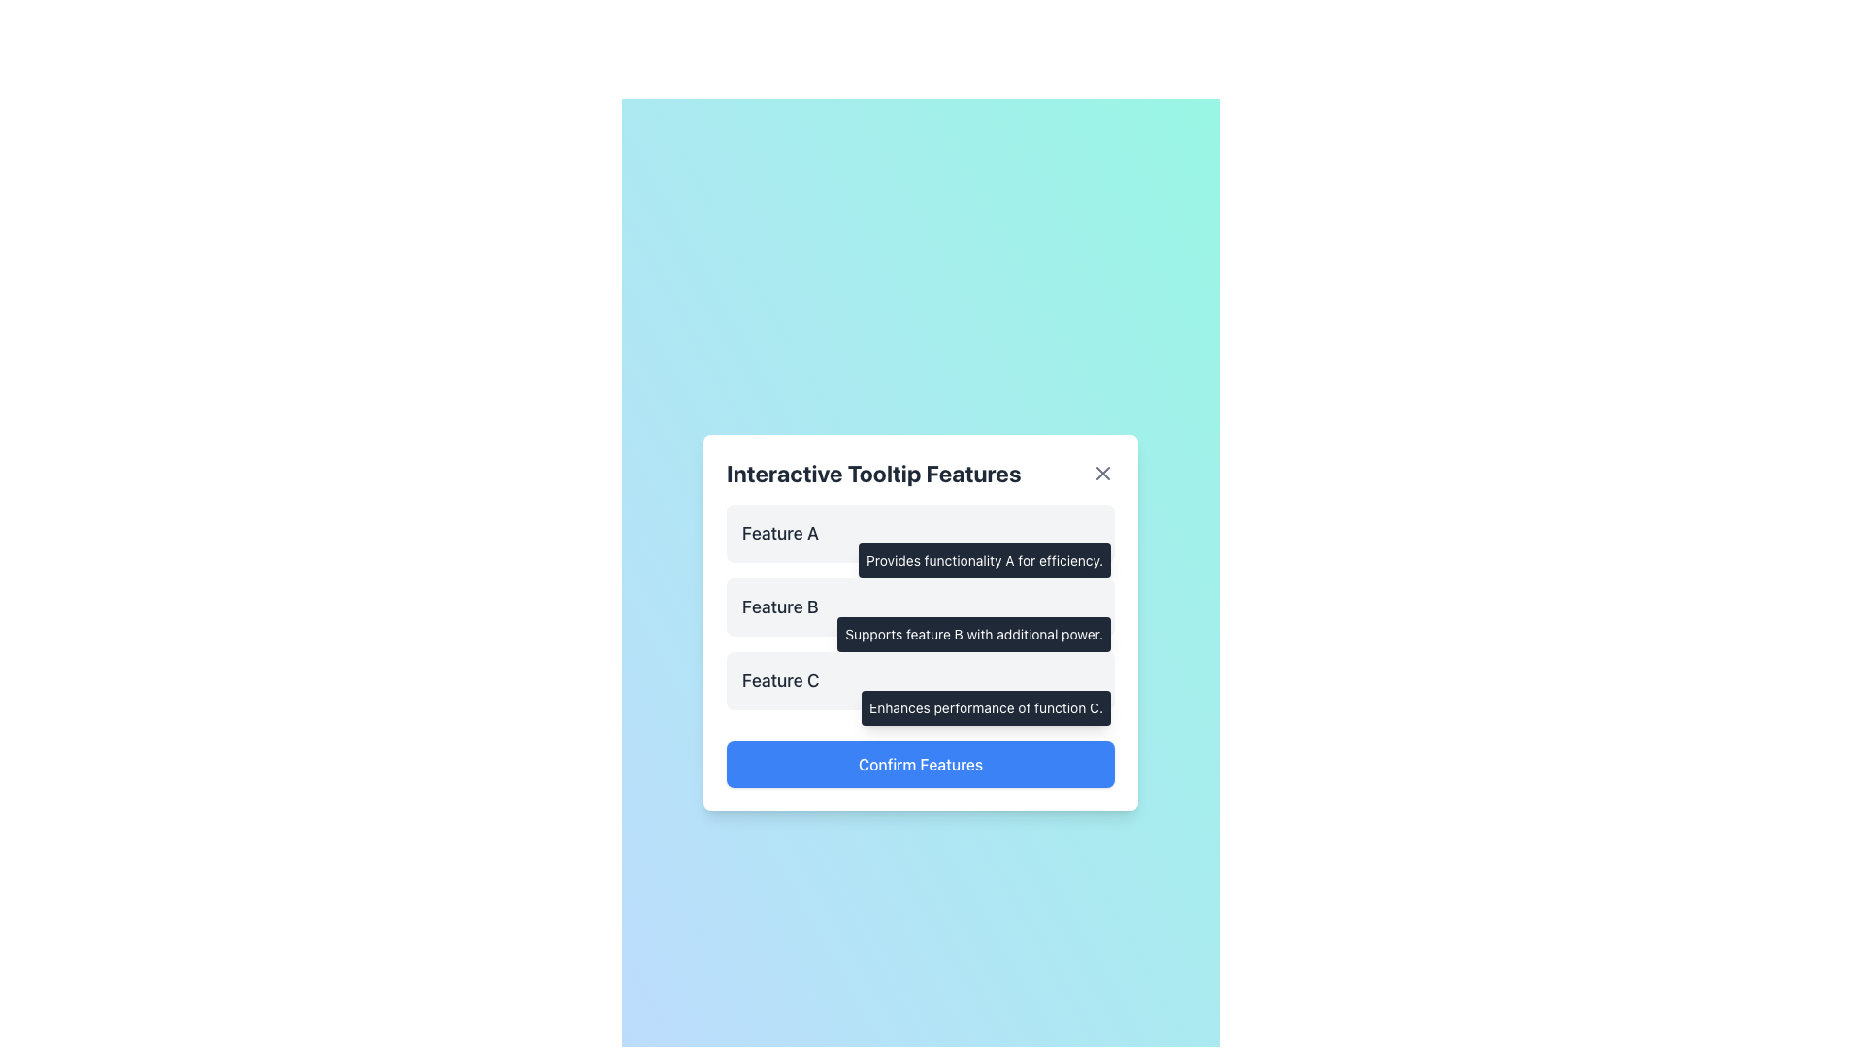 The image size is (1863, 1048). What do you see at coordinates (986, 707) in the screenshot?
I see `the dark gray rectangular tooltip with white text that reads 'Enhances performance of function C', located to the right of the feature labeled 'Feature C'` at bounding box center [986, 707].